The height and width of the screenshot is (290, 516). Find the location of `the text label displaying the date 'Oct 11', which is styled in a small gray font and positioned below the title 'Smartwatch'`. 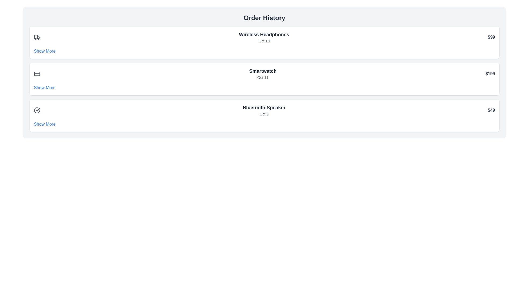

the text label displaying the date 'Oct 11', which is styled in a small gray font and positioned below the title 'Smartwatch' is located at coordinates (263, 78).